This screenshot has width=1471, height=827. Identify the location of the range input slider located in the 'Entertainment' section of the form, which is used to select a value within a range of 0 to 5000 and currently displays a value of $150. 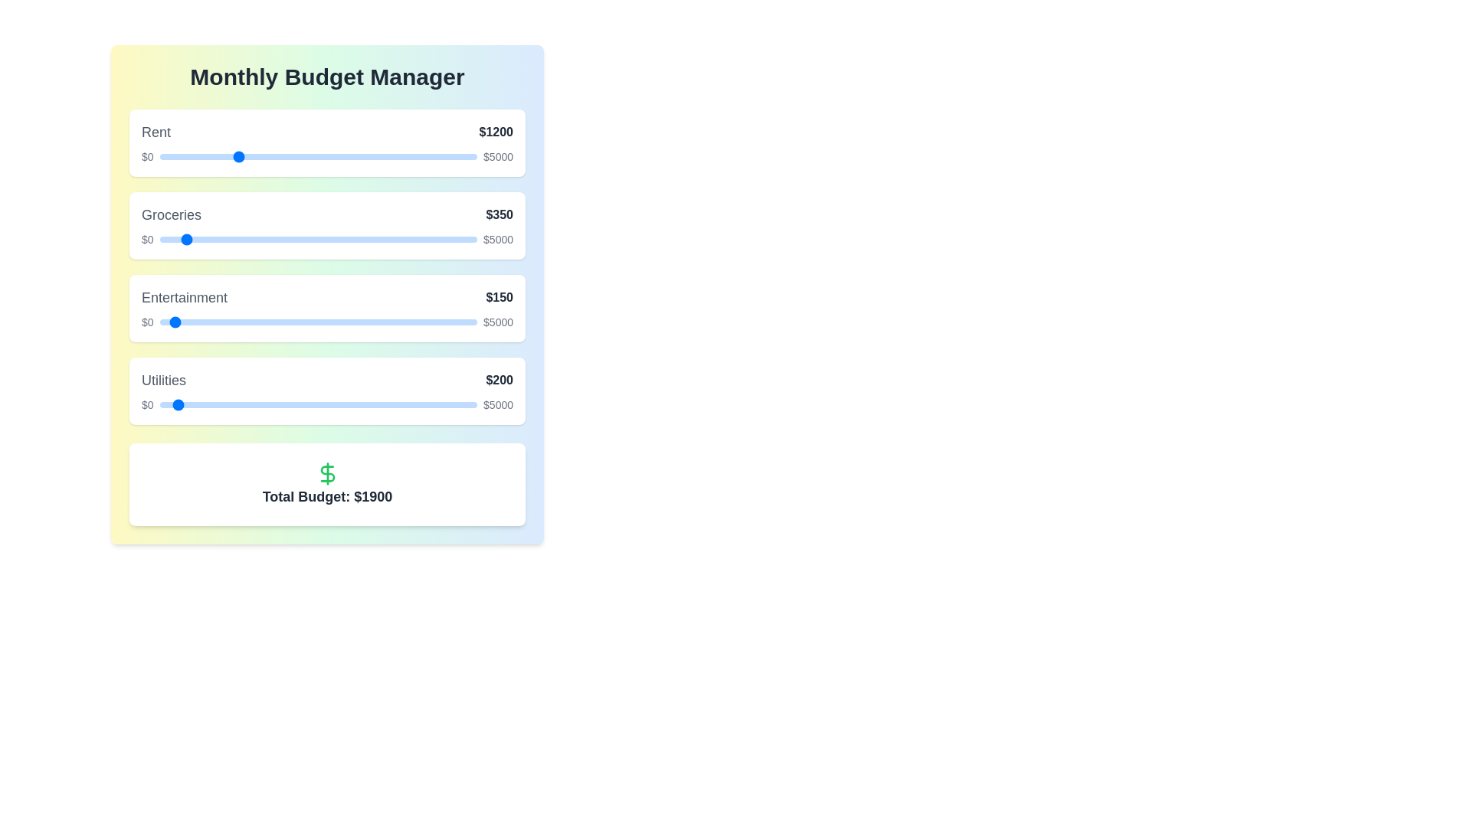
(317, 321).